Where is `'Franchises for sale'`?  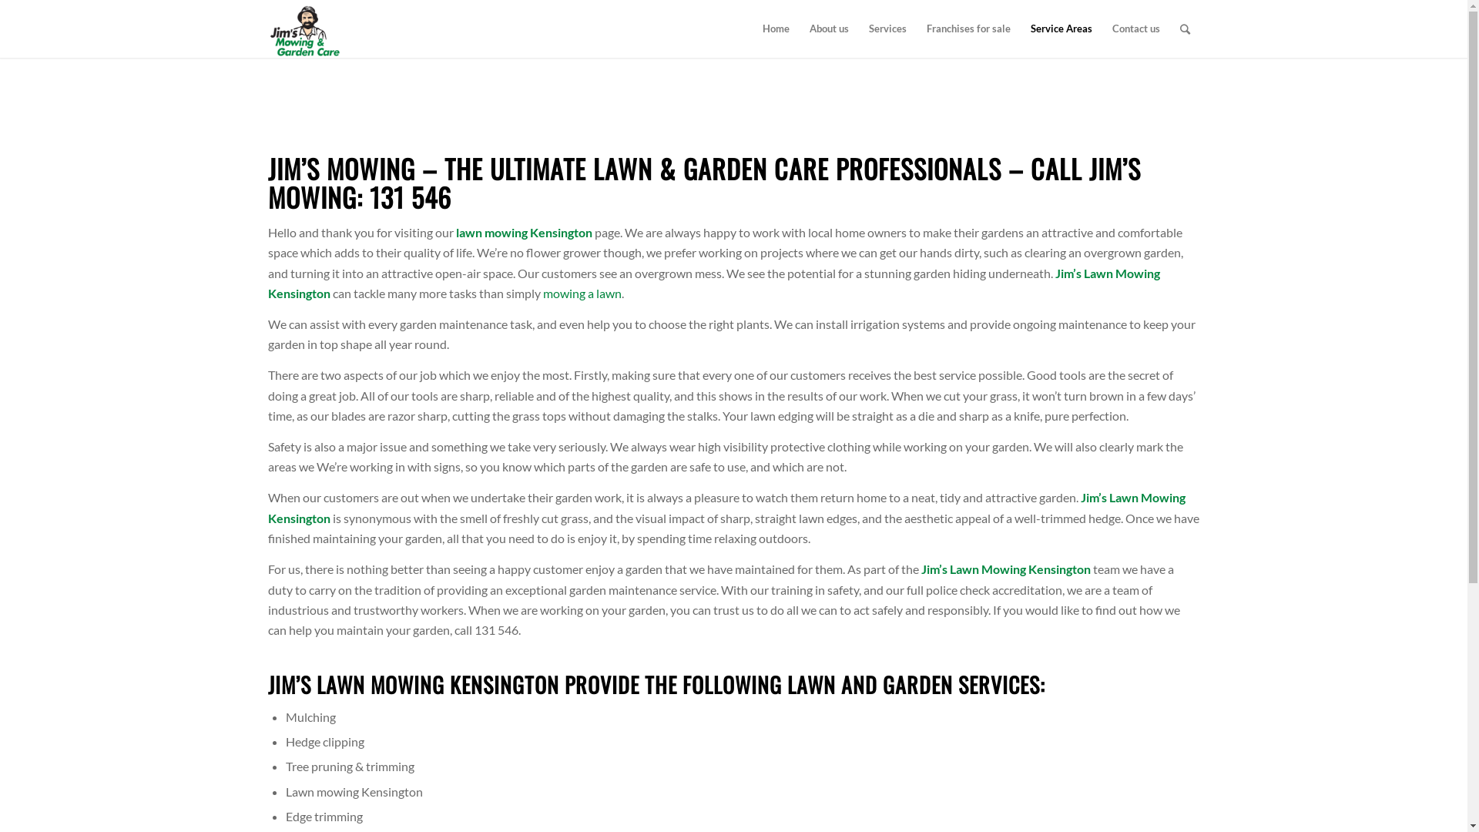 'Franchises for sale' is located at coordinates (968, 29).